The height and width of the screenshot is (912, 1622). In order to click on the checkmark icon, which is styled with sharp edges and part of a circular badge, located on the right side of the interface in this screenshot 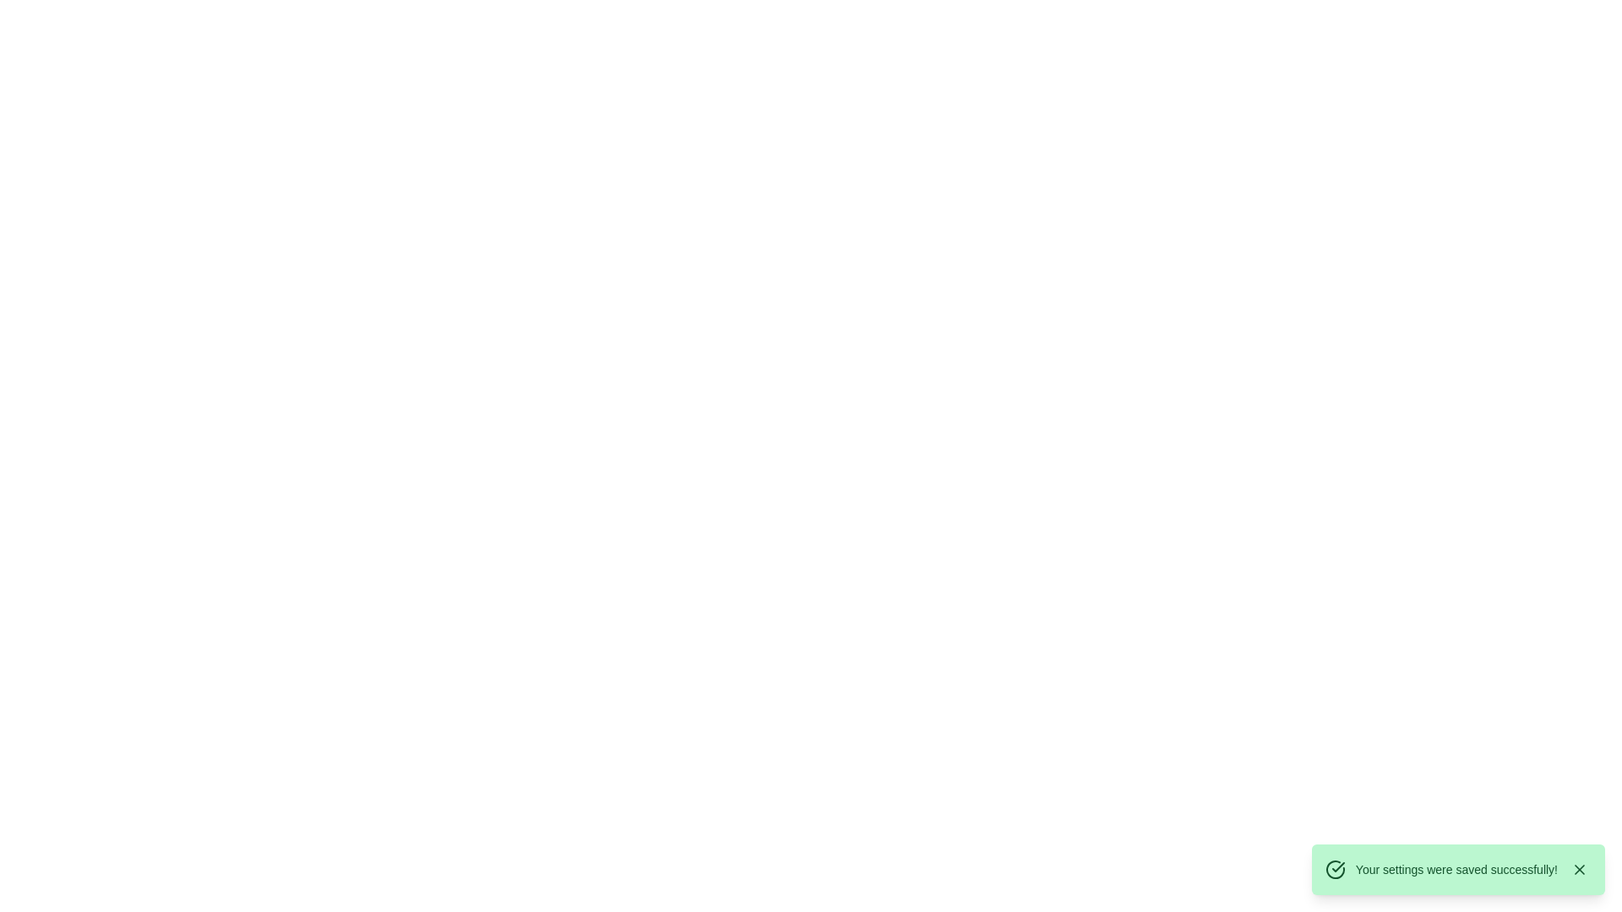, I will do `click(1337, 866)`.